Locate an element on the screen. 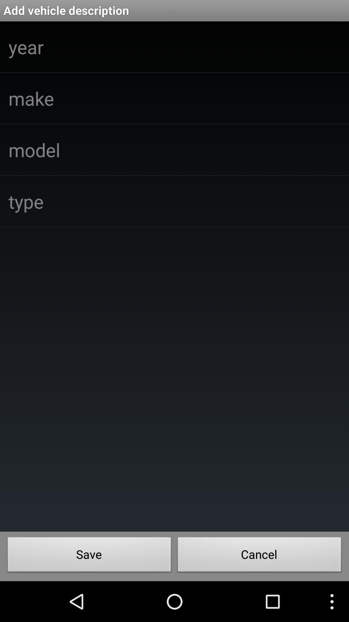 Image resolution: width=349 pixels, height=622 pixels. cancel button is located at coordinates (259, 556).